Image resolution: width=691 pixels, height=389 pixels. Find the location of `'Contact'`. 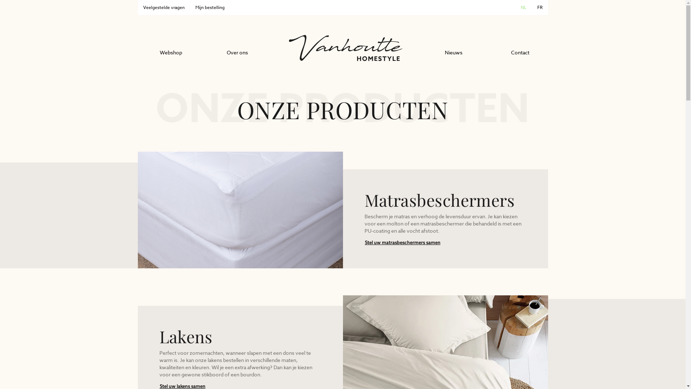

'Contact' is located at coordinates (520, 52).